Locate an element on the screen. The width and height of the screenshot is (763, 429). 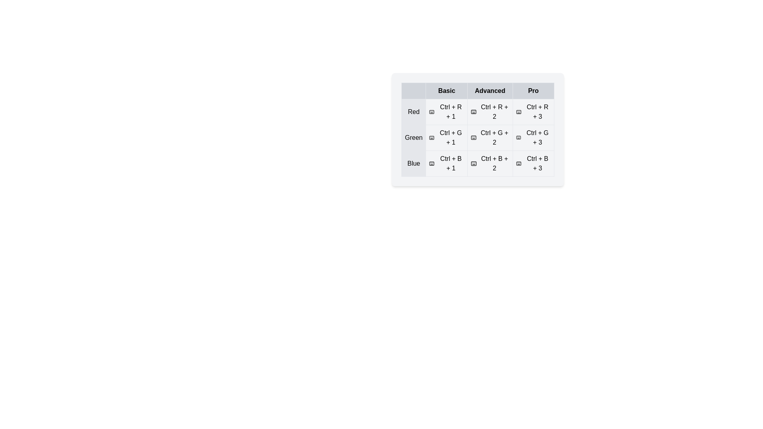
the Informative Button located in the 'Pro' column, second row labeled 'Green', which indicates the keyboard shortcut 'Ctrl + G + 3' is located at coordinates (533, 137).